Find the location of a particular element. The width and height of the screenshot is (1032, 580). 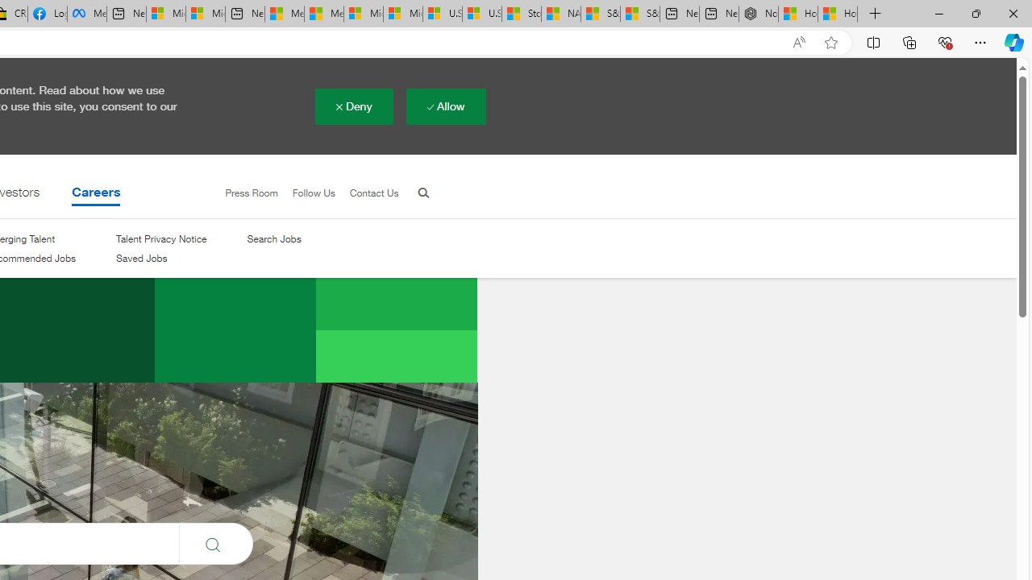

'Talent Privacy Notice' is located at coordinates (161, 239).